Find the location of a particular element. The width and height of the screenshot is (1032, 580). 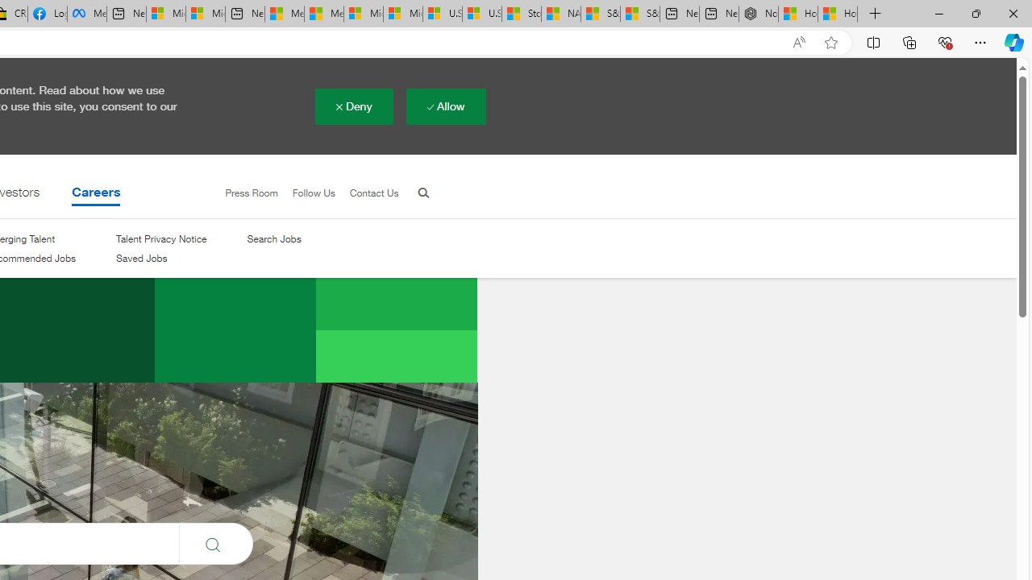

'Talent Privacy Notice' is located at coordinates (161, 239).